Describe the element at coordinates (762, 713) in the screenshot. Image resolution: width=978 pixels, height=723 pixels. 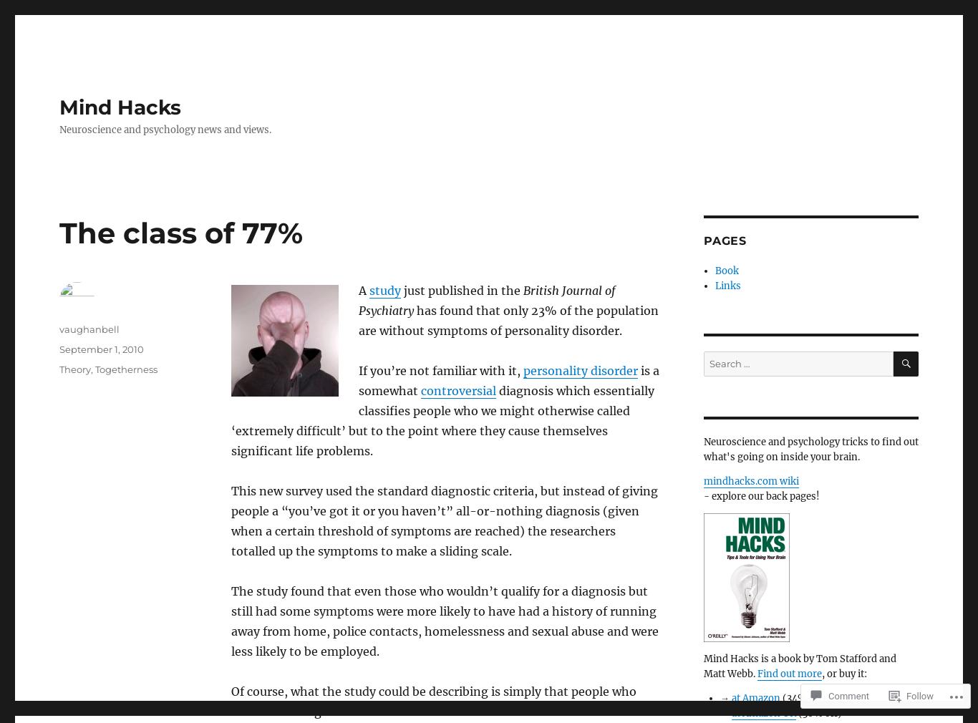
I see `'at Amazon UK'` at that location.